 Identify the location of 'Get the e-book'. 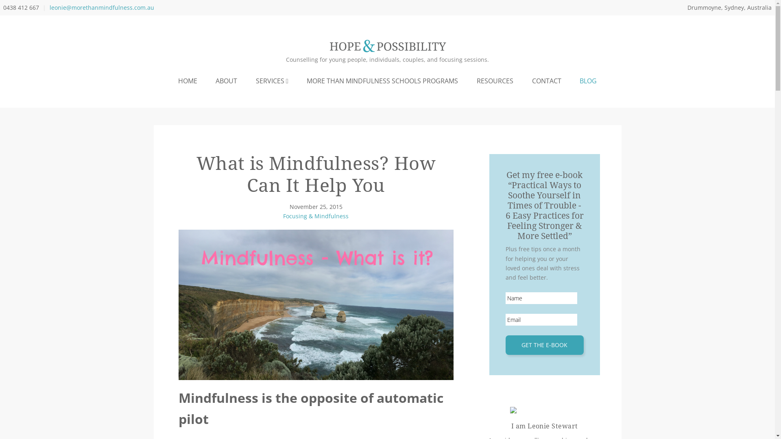
(545, 345).